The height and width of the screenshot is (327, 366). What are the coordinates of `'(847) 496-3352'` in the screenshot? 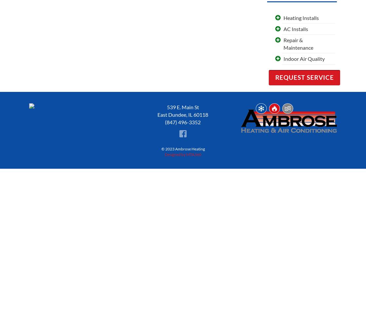 It's located at (182, 122).